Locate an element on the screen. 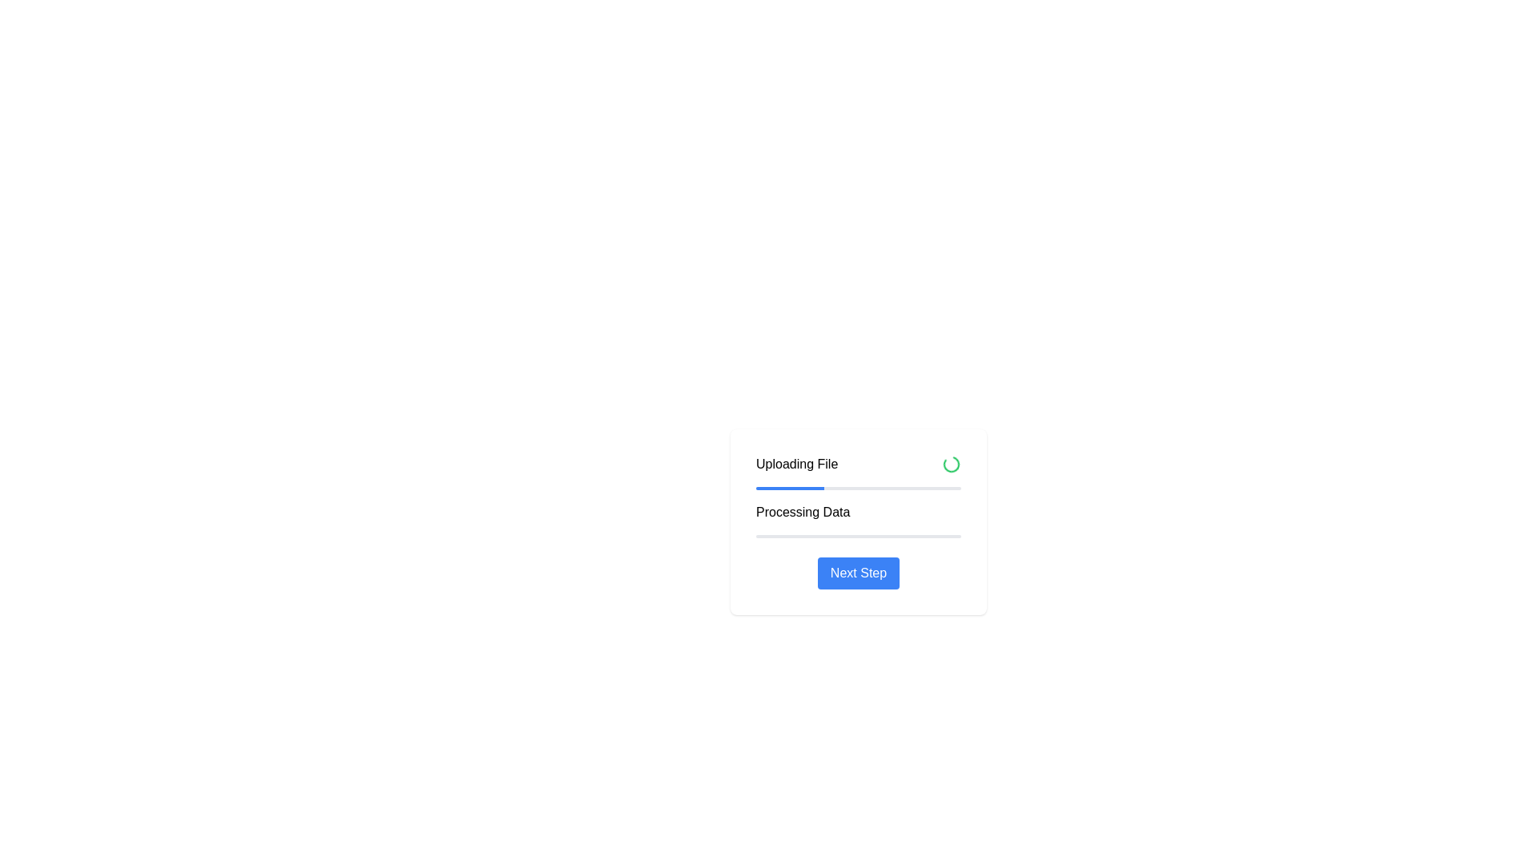  the animated spinner or loader icon located near the top-right corner of the rectangular box that contains text such as 'Uploading File' and 'Processing Data' is located at coordinates (952, 464).